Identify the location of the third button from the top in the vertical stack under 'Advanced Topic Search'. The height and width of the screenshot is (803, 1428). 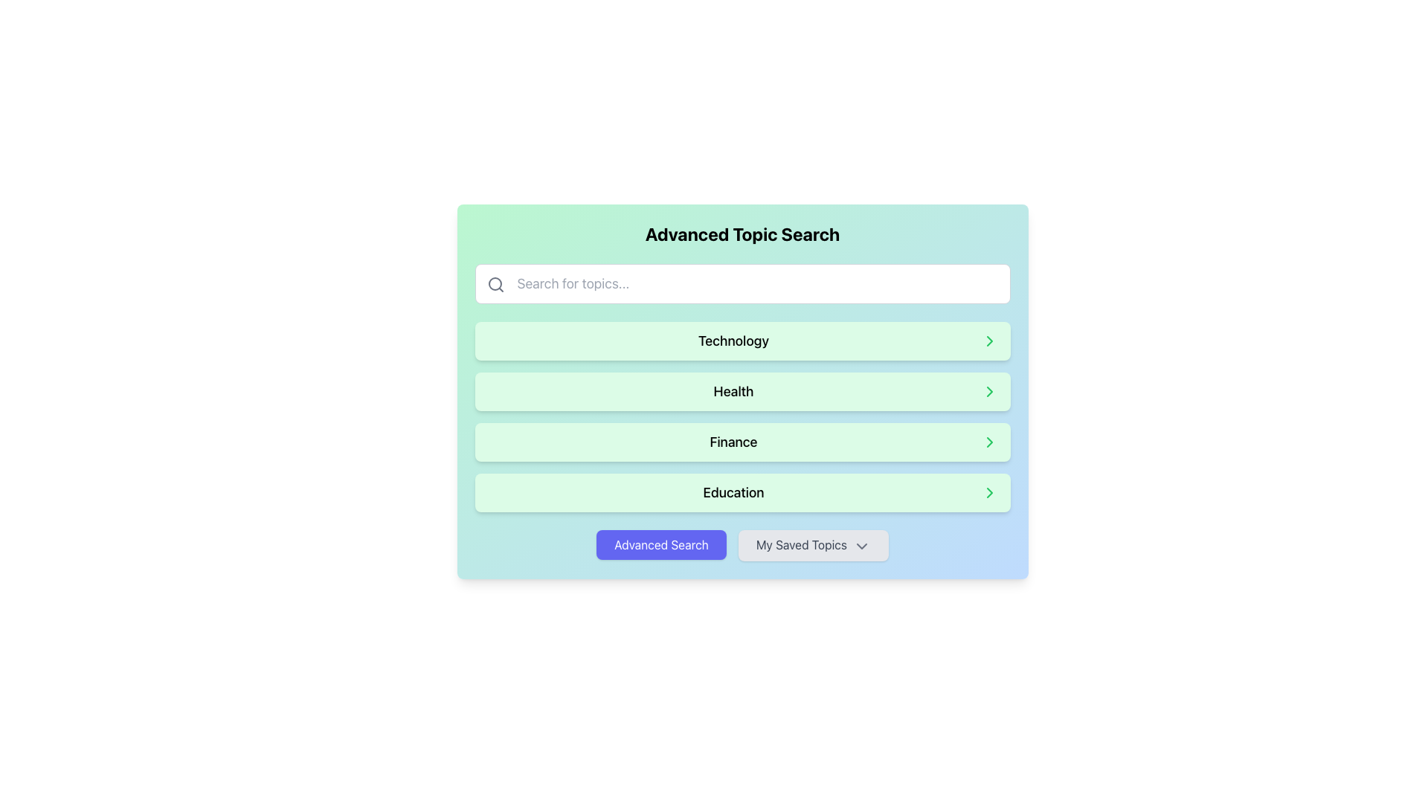
(742, 441).